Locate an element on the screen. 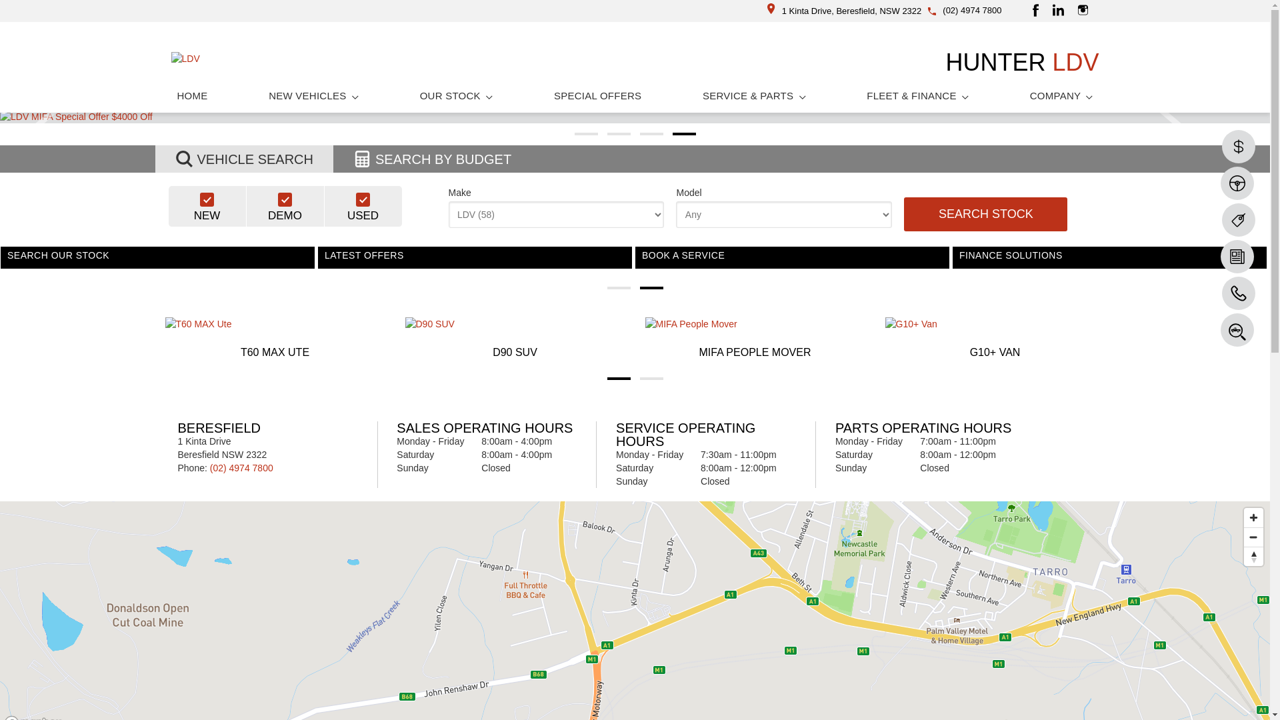 This screenshot has height=720, width=1280. 'SEARCH STOCK' is located at coordinates (985, 213).